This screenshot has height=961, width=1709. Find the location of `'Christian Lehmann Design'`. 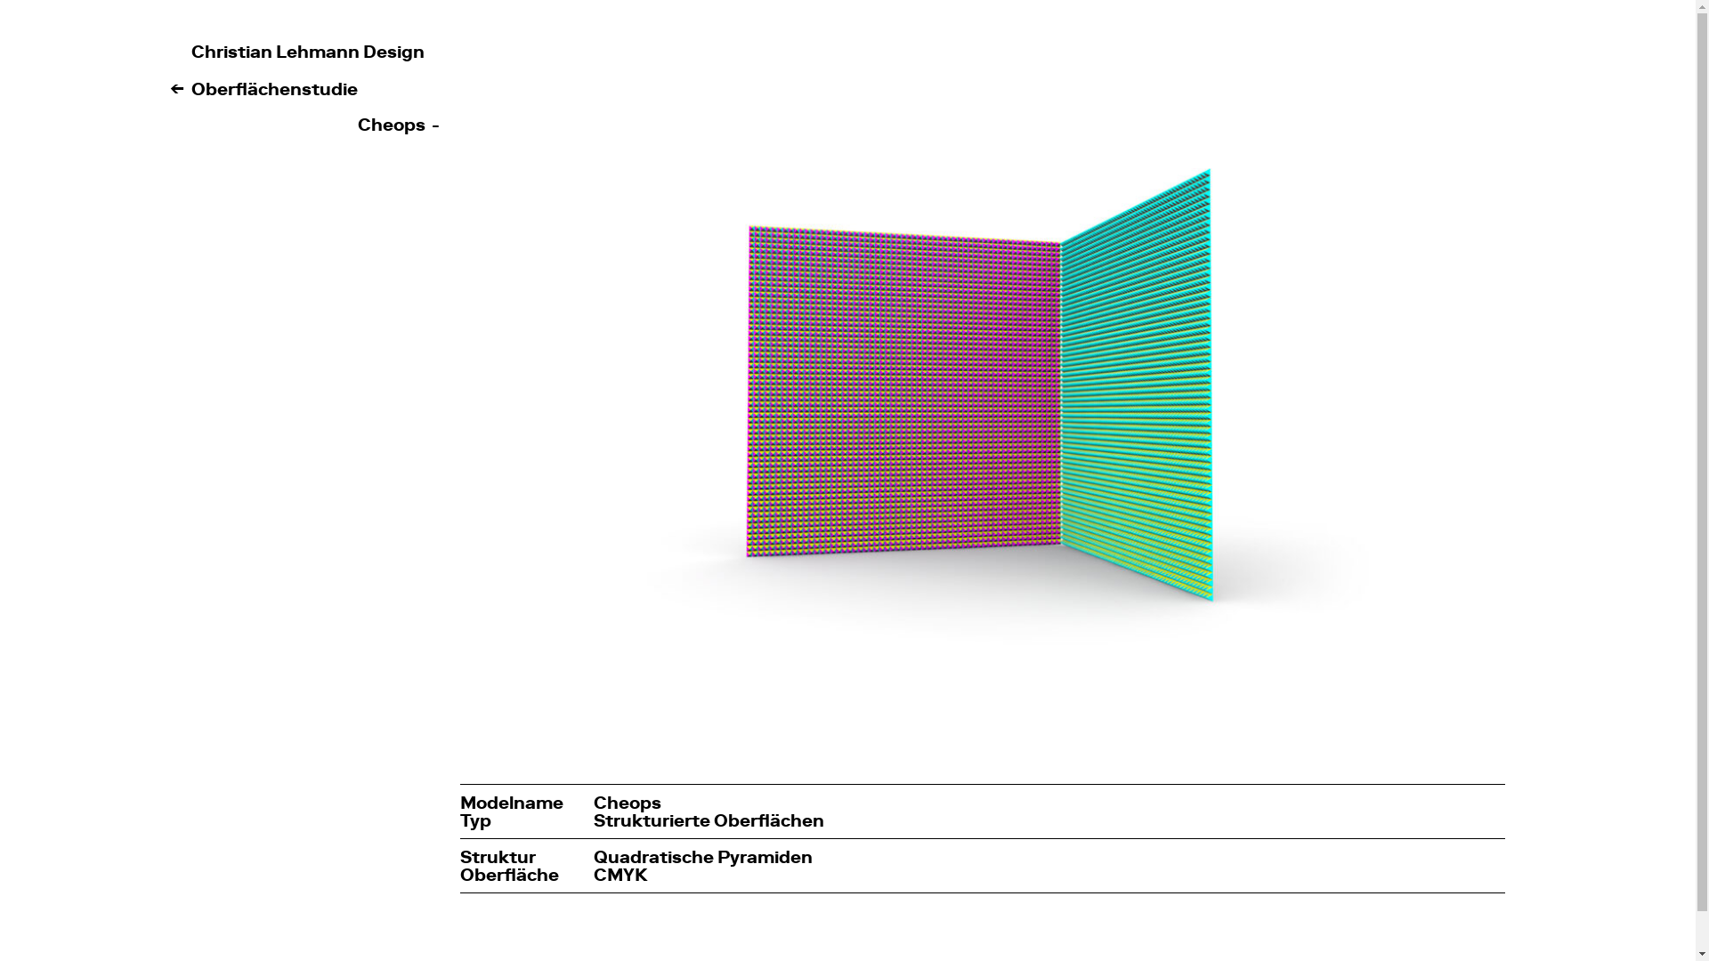

'Christian Lehmann Design' is located at coordinates (307, 50).